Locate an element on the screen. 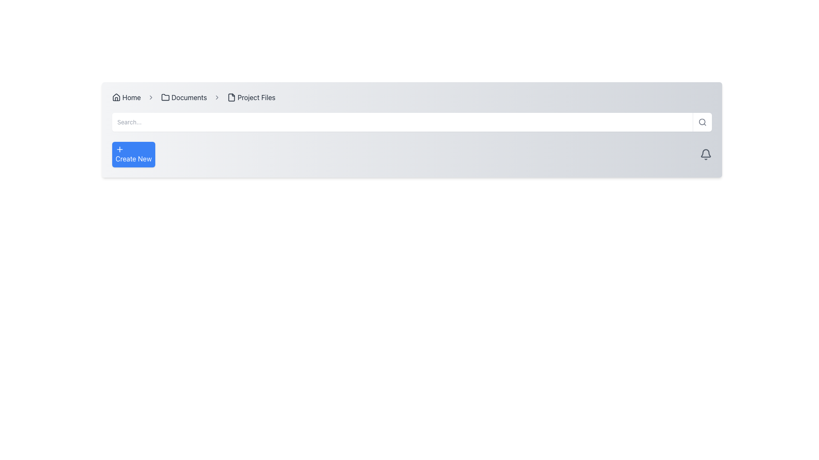 The image size is (819, 460). the Chevron icon used in breadcrumb navigation, which visually separates the 'Documents' section from the 'Project Files' section is located at coordinates (217, 97).